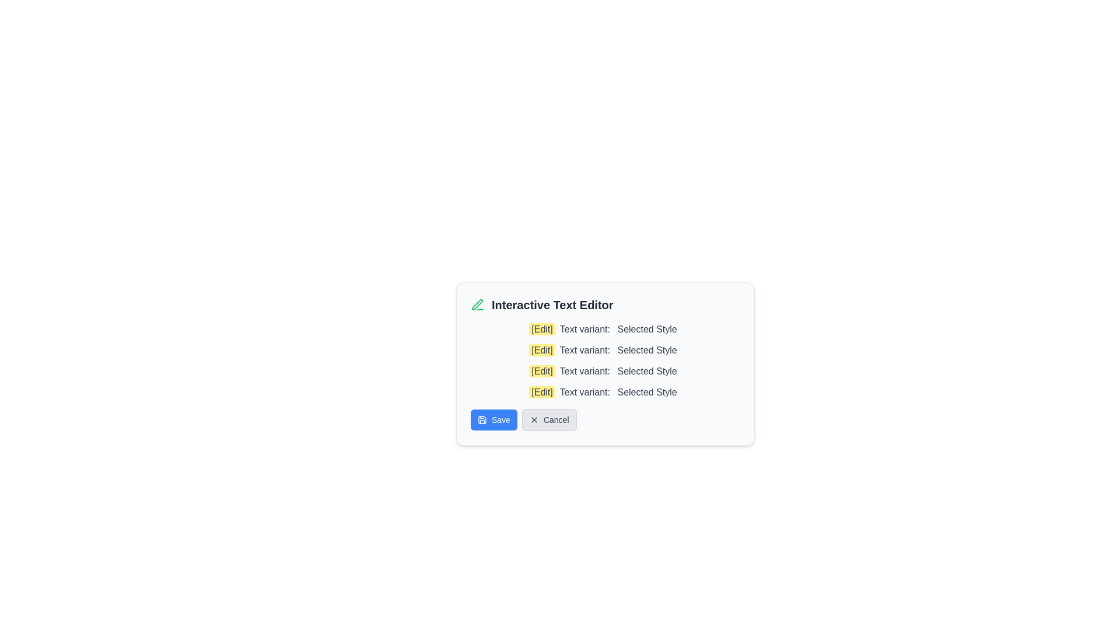  I want to click on the 'Save' icon located at the far left of the 'Save' button in the bottom-left corner of the modal dialog, so click(482, 420).